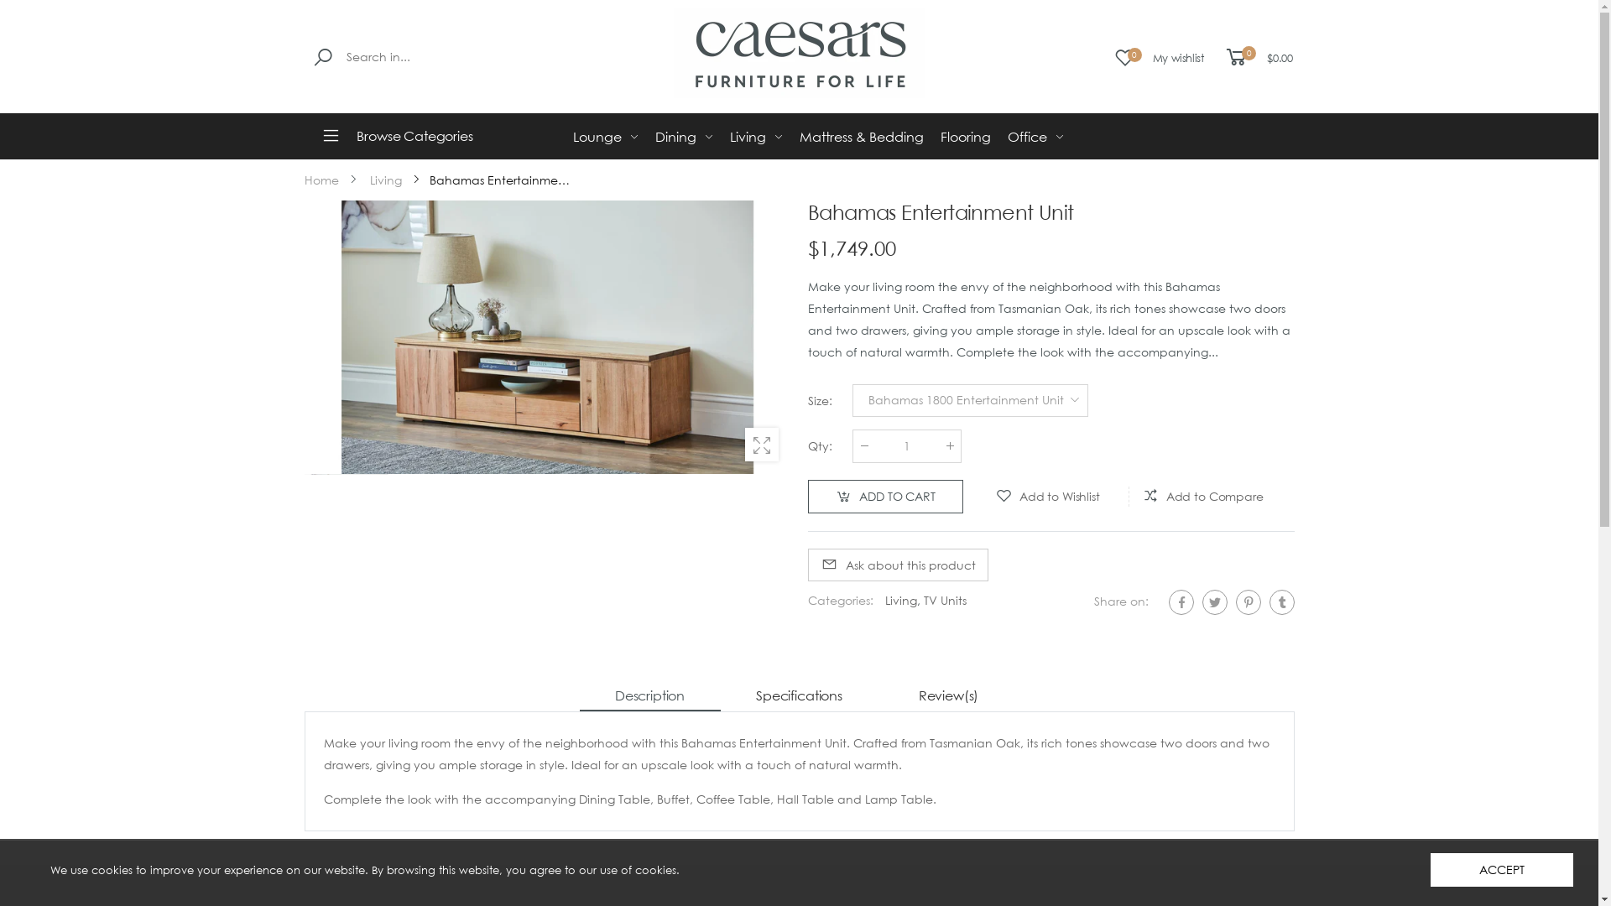  Describe the element at coordinates (417, 135) in the screenshot. I see `'Browse Categories'` at that location.